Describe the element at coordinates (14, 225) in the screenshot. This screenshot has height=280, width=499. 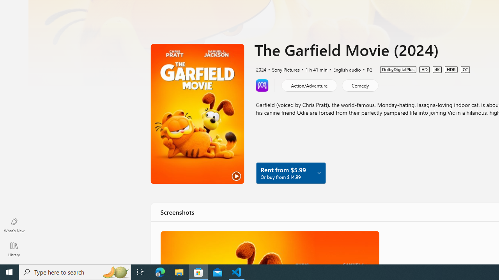
I see `'What'` at that location.